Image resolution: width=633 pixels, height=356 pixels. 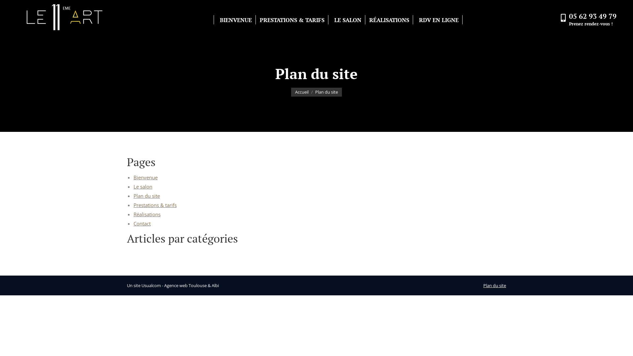 What do you see at coordinates (495, 285) in the screenshot?
I see `'Plan du site'` at bounding box center [495, 285].